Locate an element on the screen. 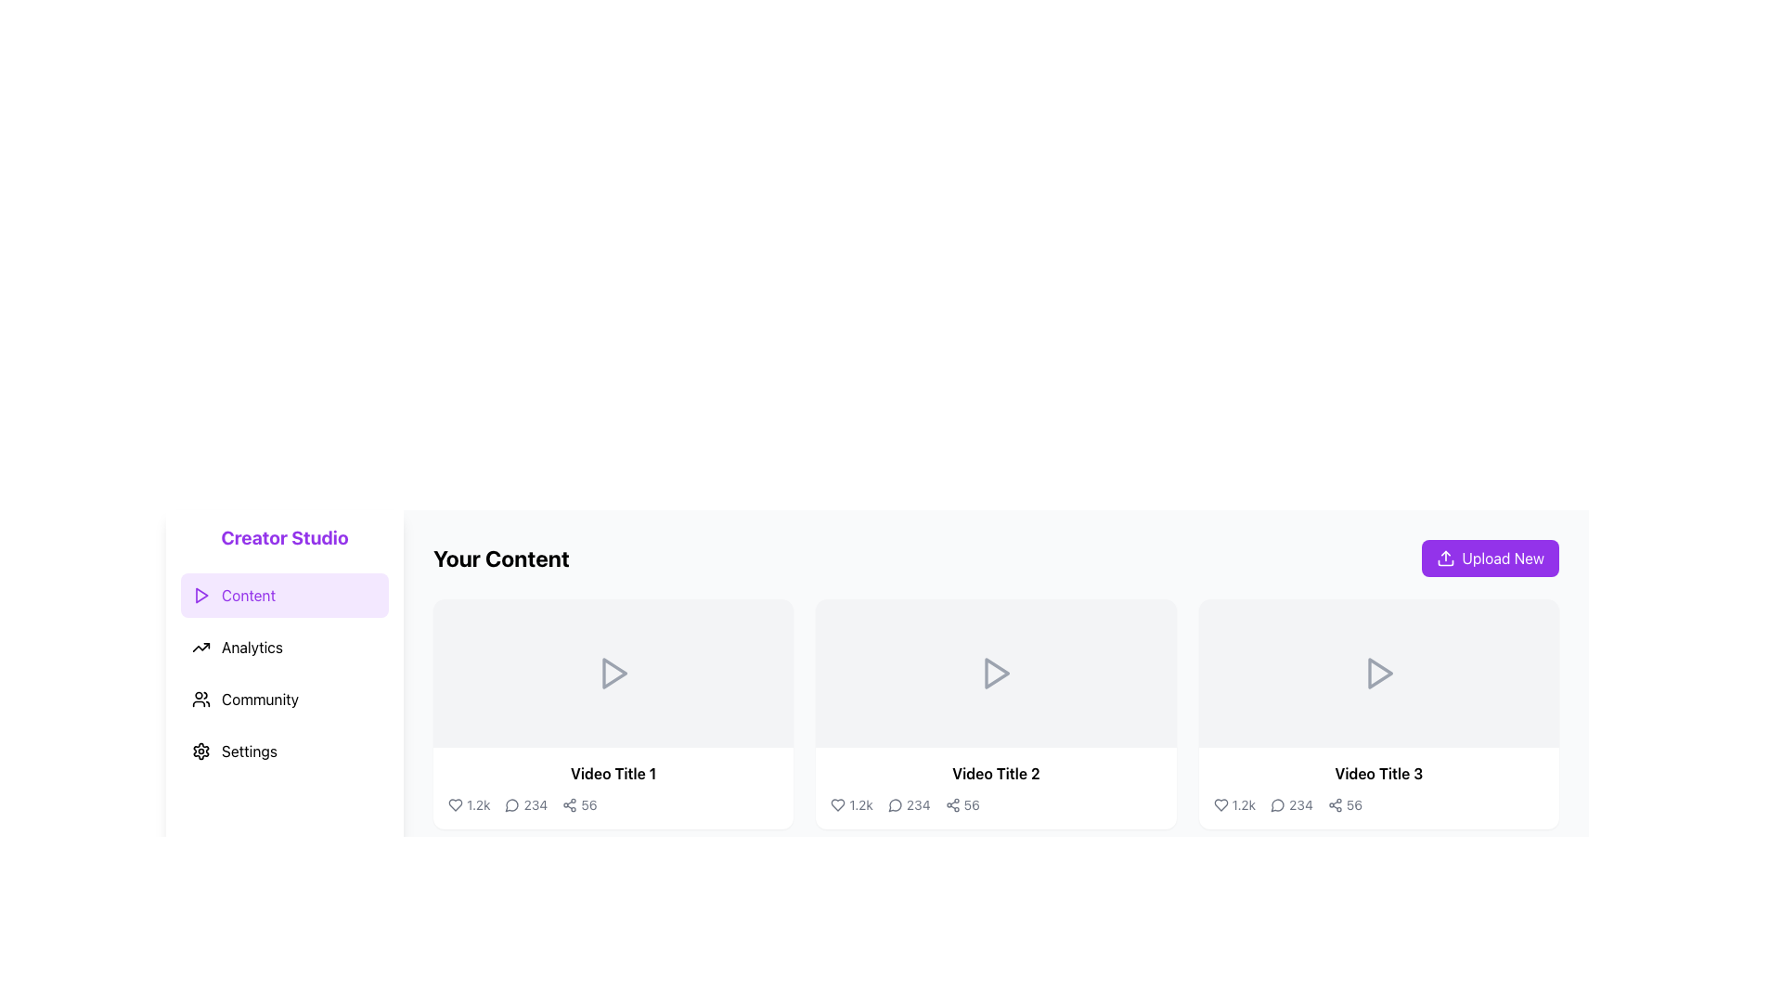 The height and width of the screenshot is (1002, 1782). the upload button located at the top-right corner of the content area, adjacent to the title text 'Your Content' is located at coordinates (1490, 557).